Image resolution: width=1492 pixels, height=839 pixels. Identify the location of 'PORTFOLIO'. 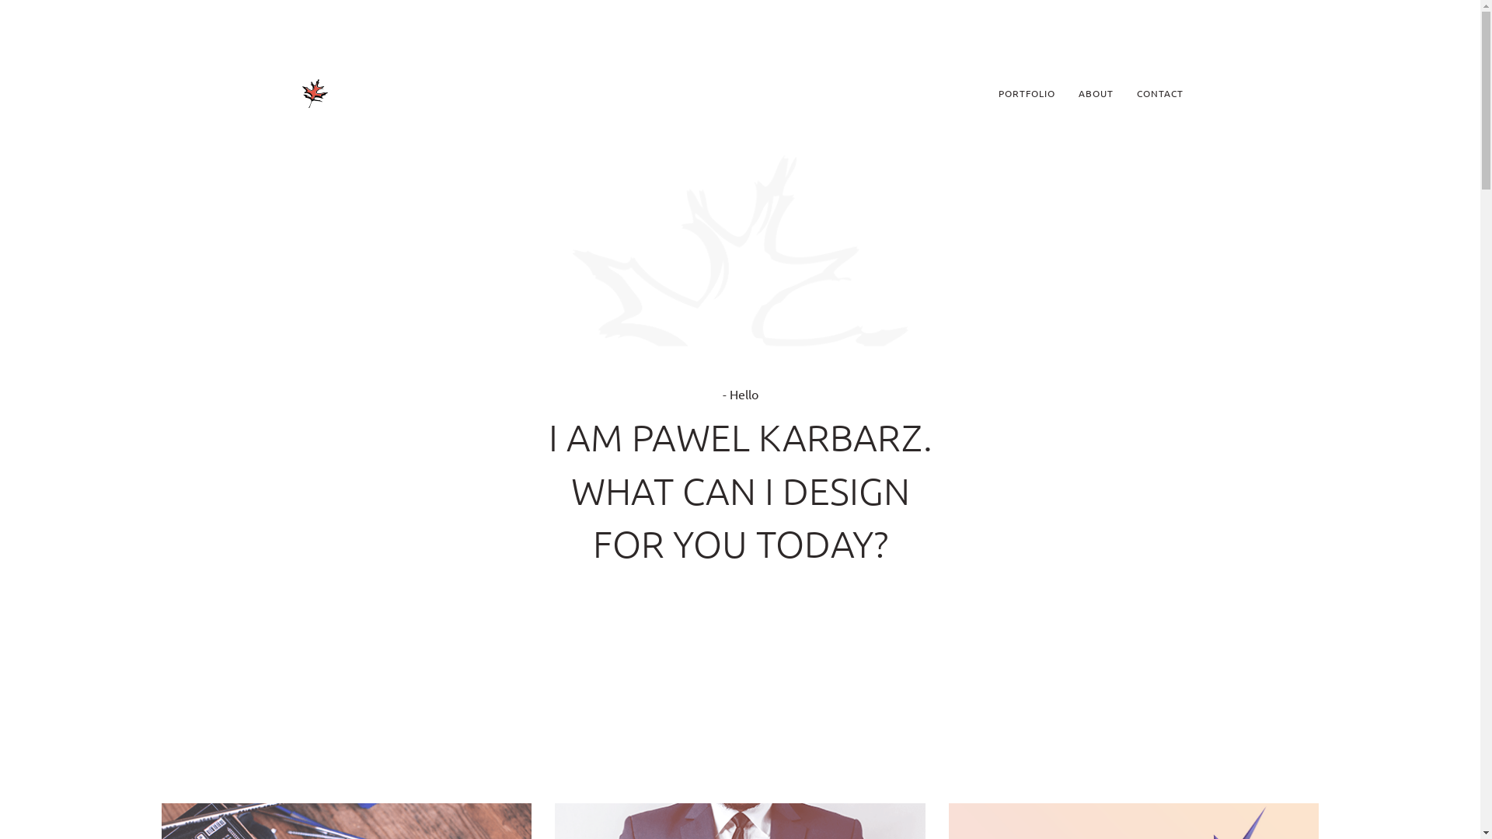
(986, 92).